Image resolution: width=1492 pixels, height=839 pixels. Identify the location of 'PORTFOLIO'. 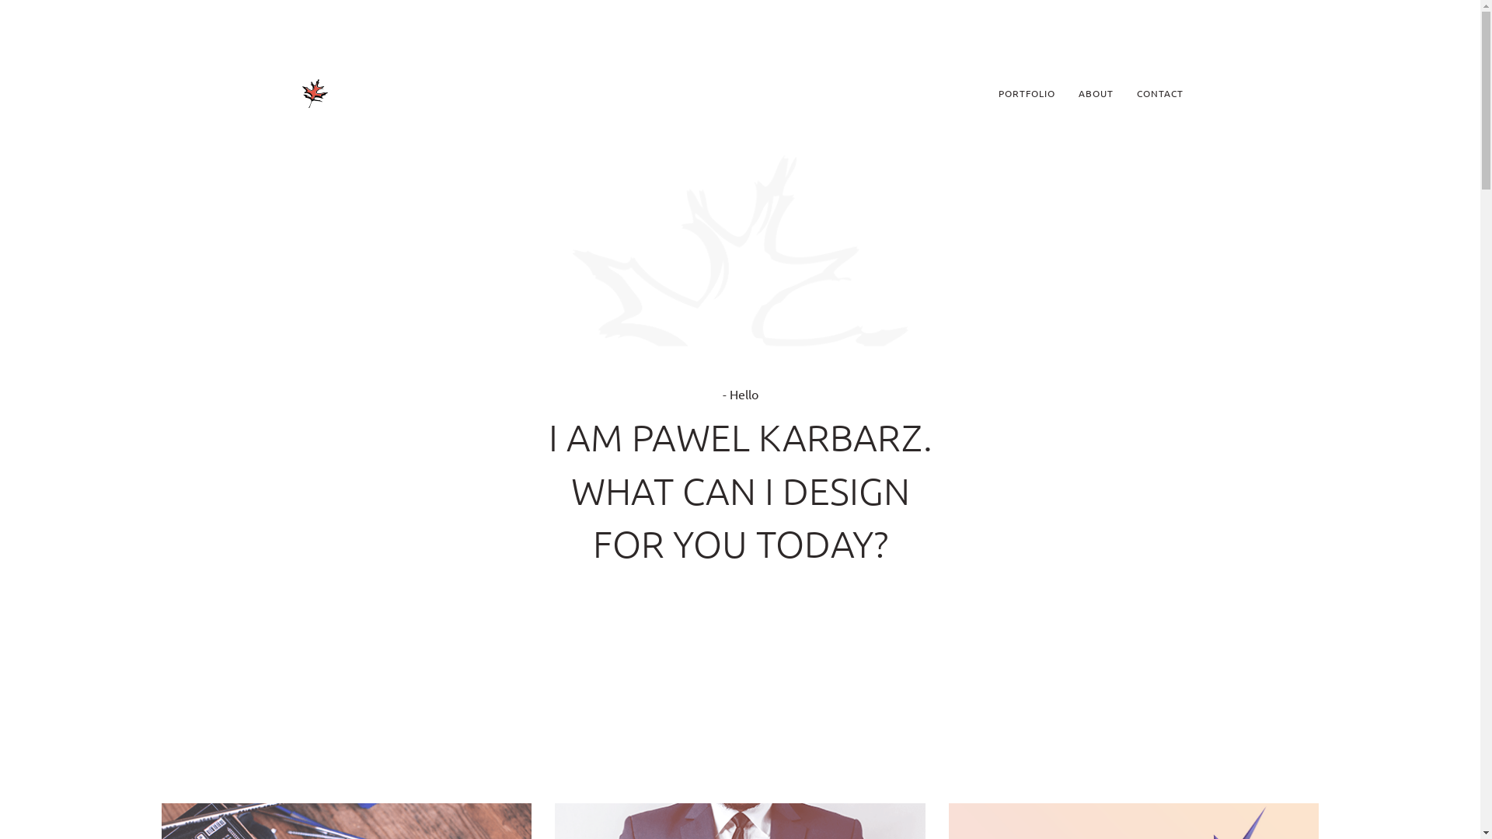
(986, 92).